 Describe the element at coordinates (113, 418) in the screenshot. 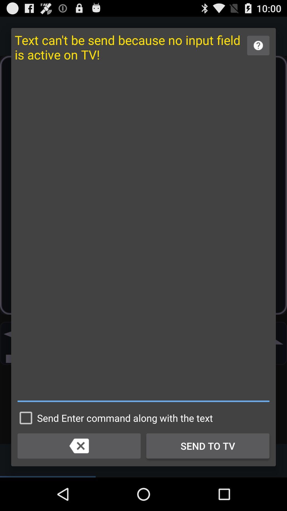

I see `the send enter command item` at that location.